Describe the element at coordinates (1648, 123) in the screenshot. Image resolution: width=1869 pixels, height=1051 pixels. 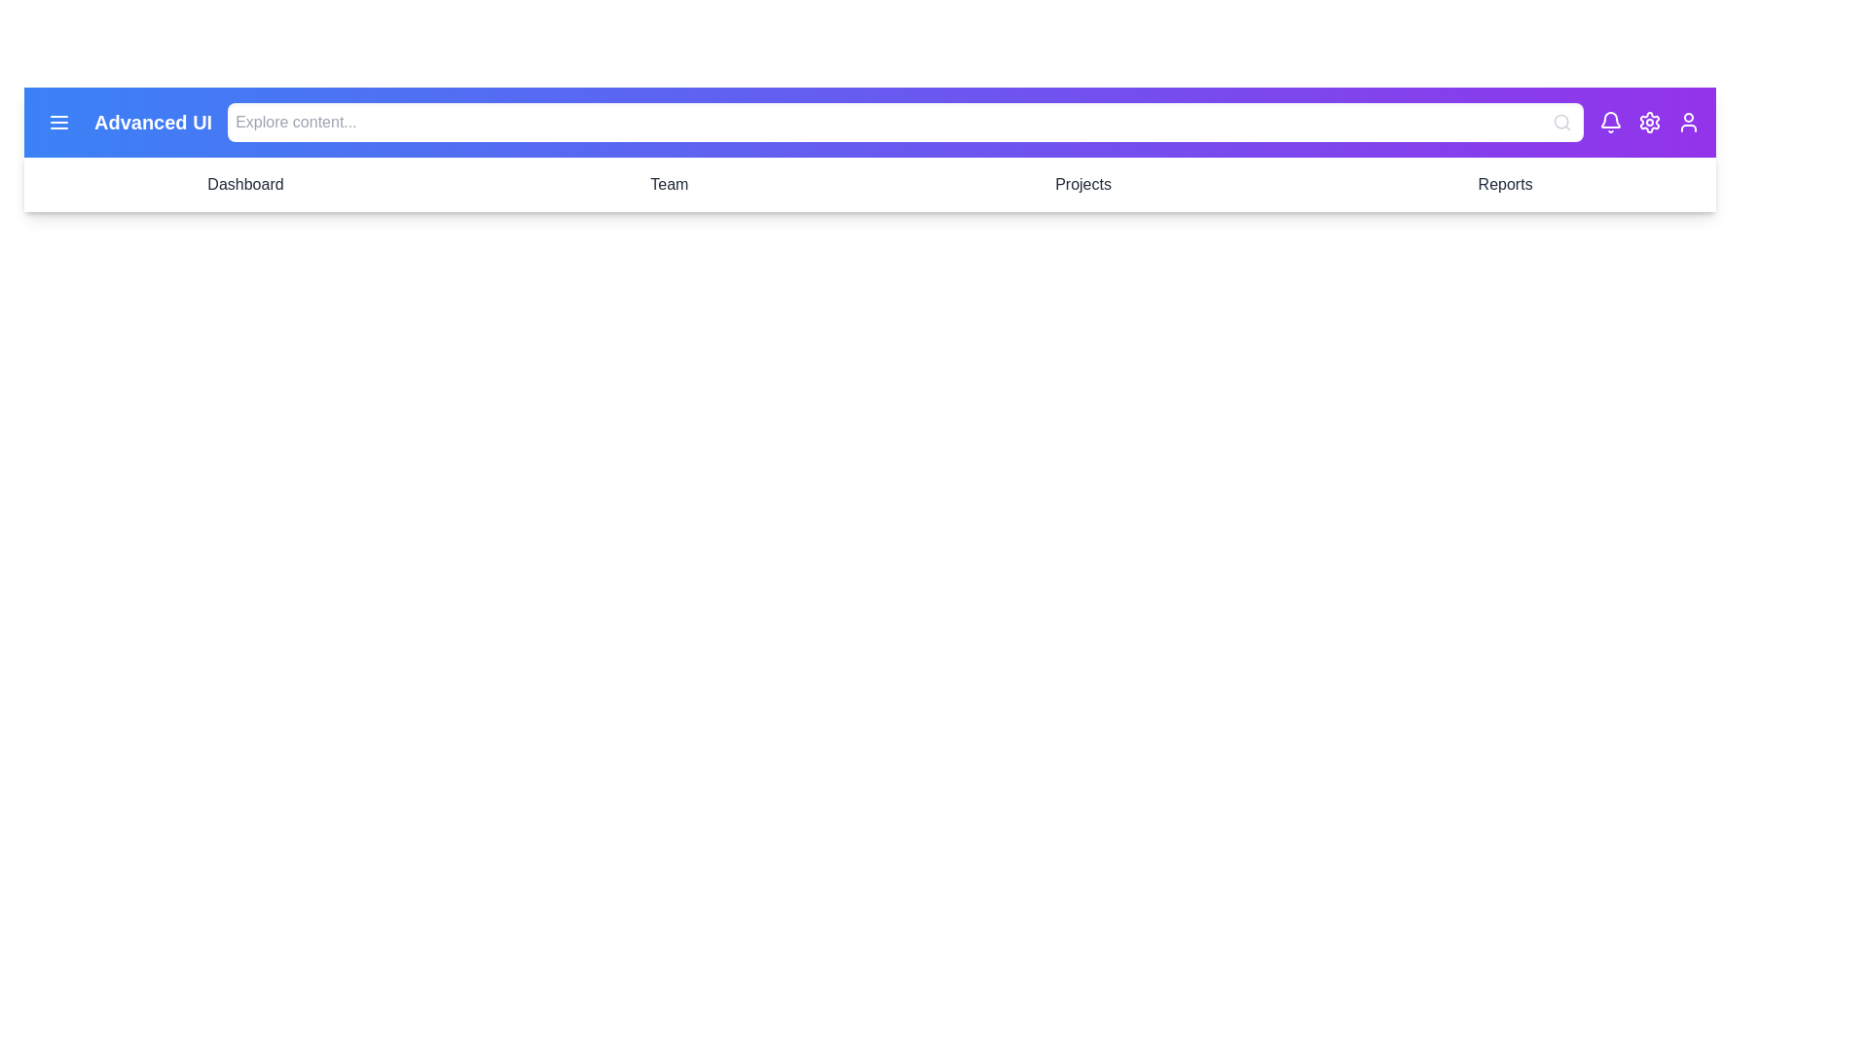
I see `the settings gear icon` at that location.